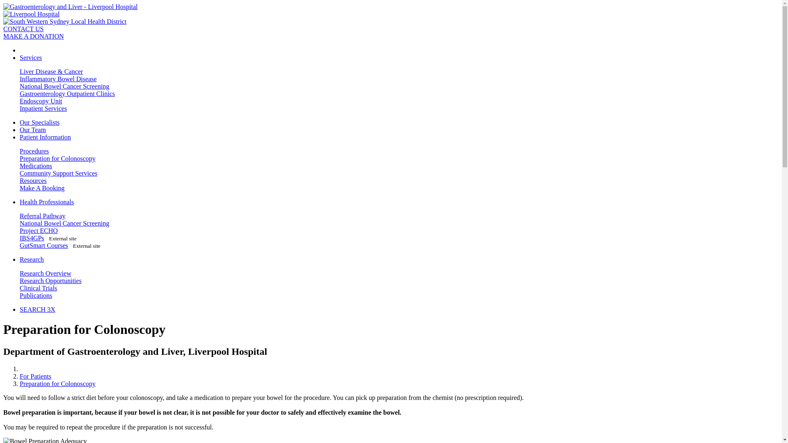  What do you see at coordinates (20, 71) in the screenshot?
I see `'Liver Disease & Cancer'` at bounding box center [20, 71].